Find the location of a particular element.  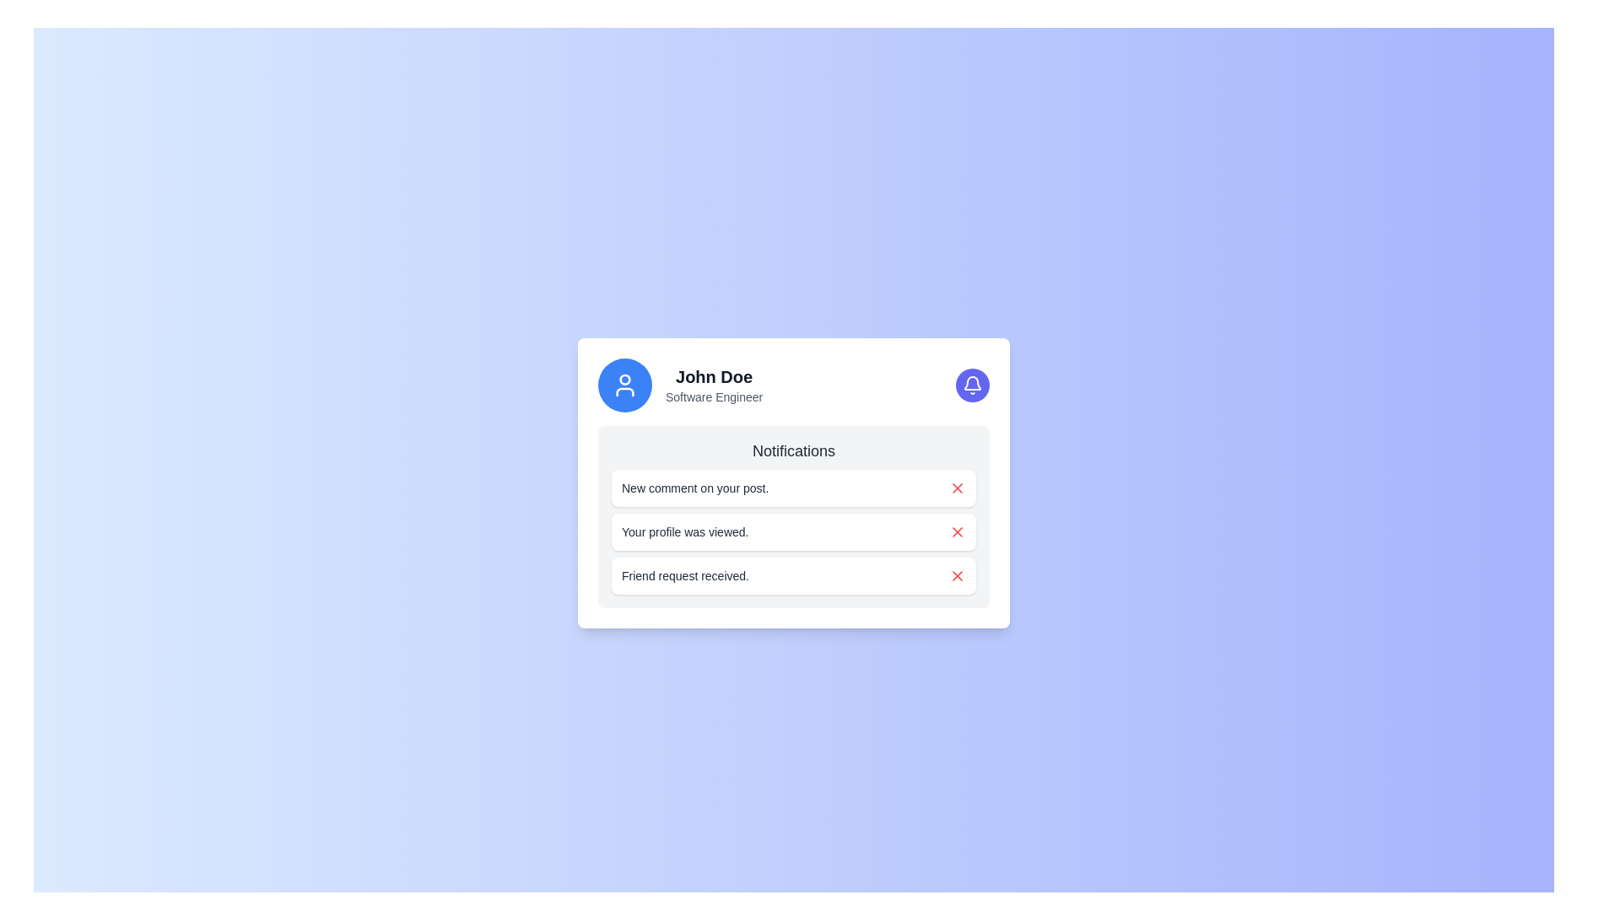

the center of the circular blue icon with a white user silhouette located at the top-left corner of the profile card for possible profile-related actions is located at coordinates (624, 385).